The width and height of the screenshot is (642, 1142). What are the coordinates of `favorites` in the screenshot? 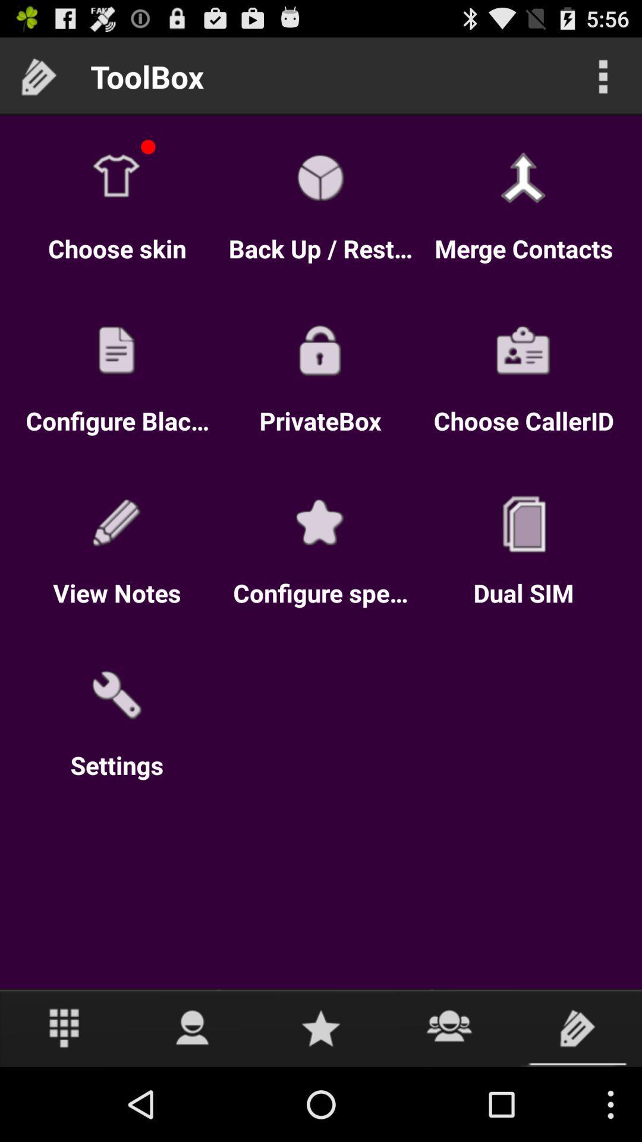 It's located at (321, 1027).